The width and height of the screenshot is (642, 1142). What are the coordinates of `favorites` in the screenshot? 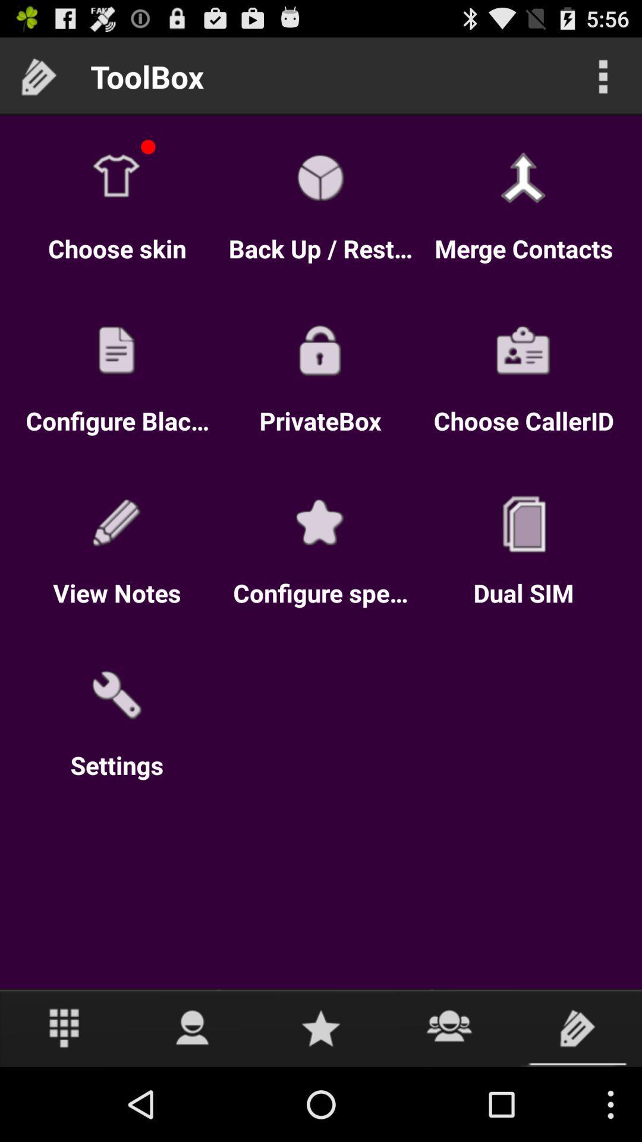 It's located at (321, 1027).